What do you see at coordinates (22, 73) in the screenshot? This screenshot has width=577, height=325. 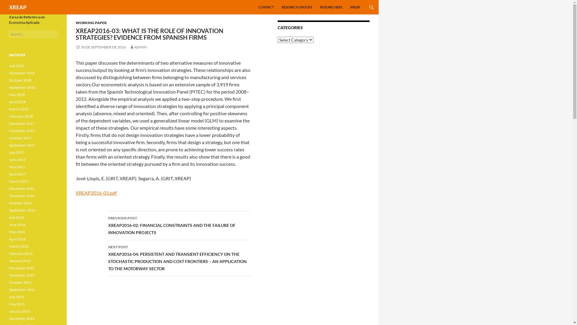 I see `'November 2018'` at bounding box center [22, 73].